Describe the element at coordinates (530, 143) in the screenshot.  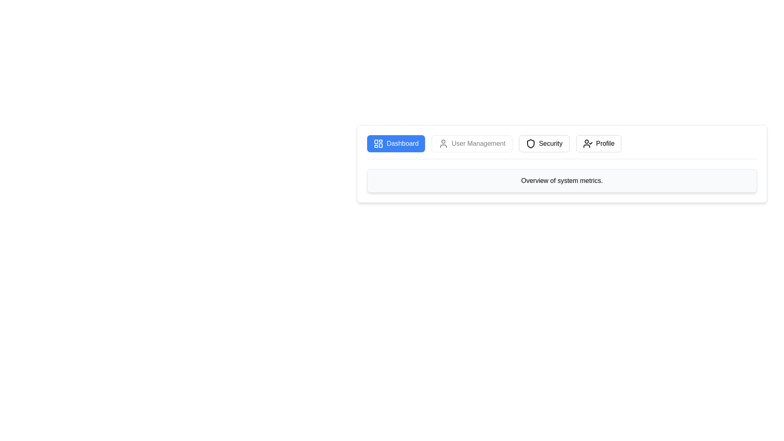
I see `the graphical representation of the shield icon located in the 'Security' tab of the navigation bar, which is situated between the 'User Management' and 'Profile' tabs` at that location.